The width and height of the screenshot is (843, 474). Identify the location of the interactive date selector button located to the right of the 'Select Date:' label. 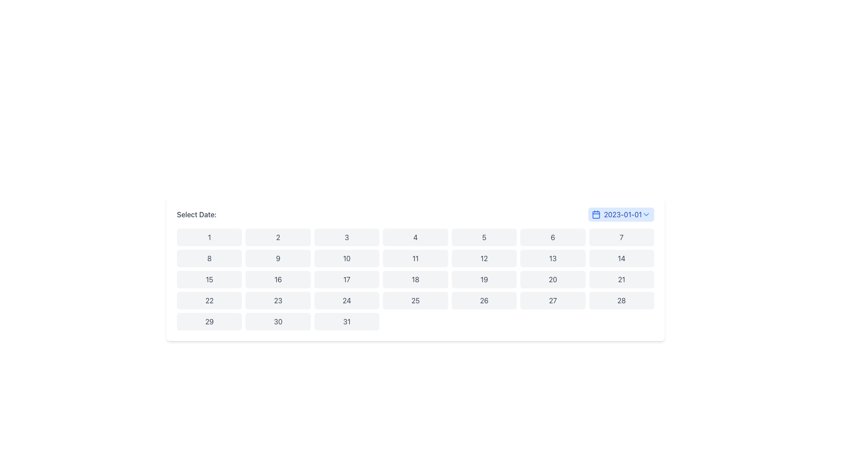
(620, 215).